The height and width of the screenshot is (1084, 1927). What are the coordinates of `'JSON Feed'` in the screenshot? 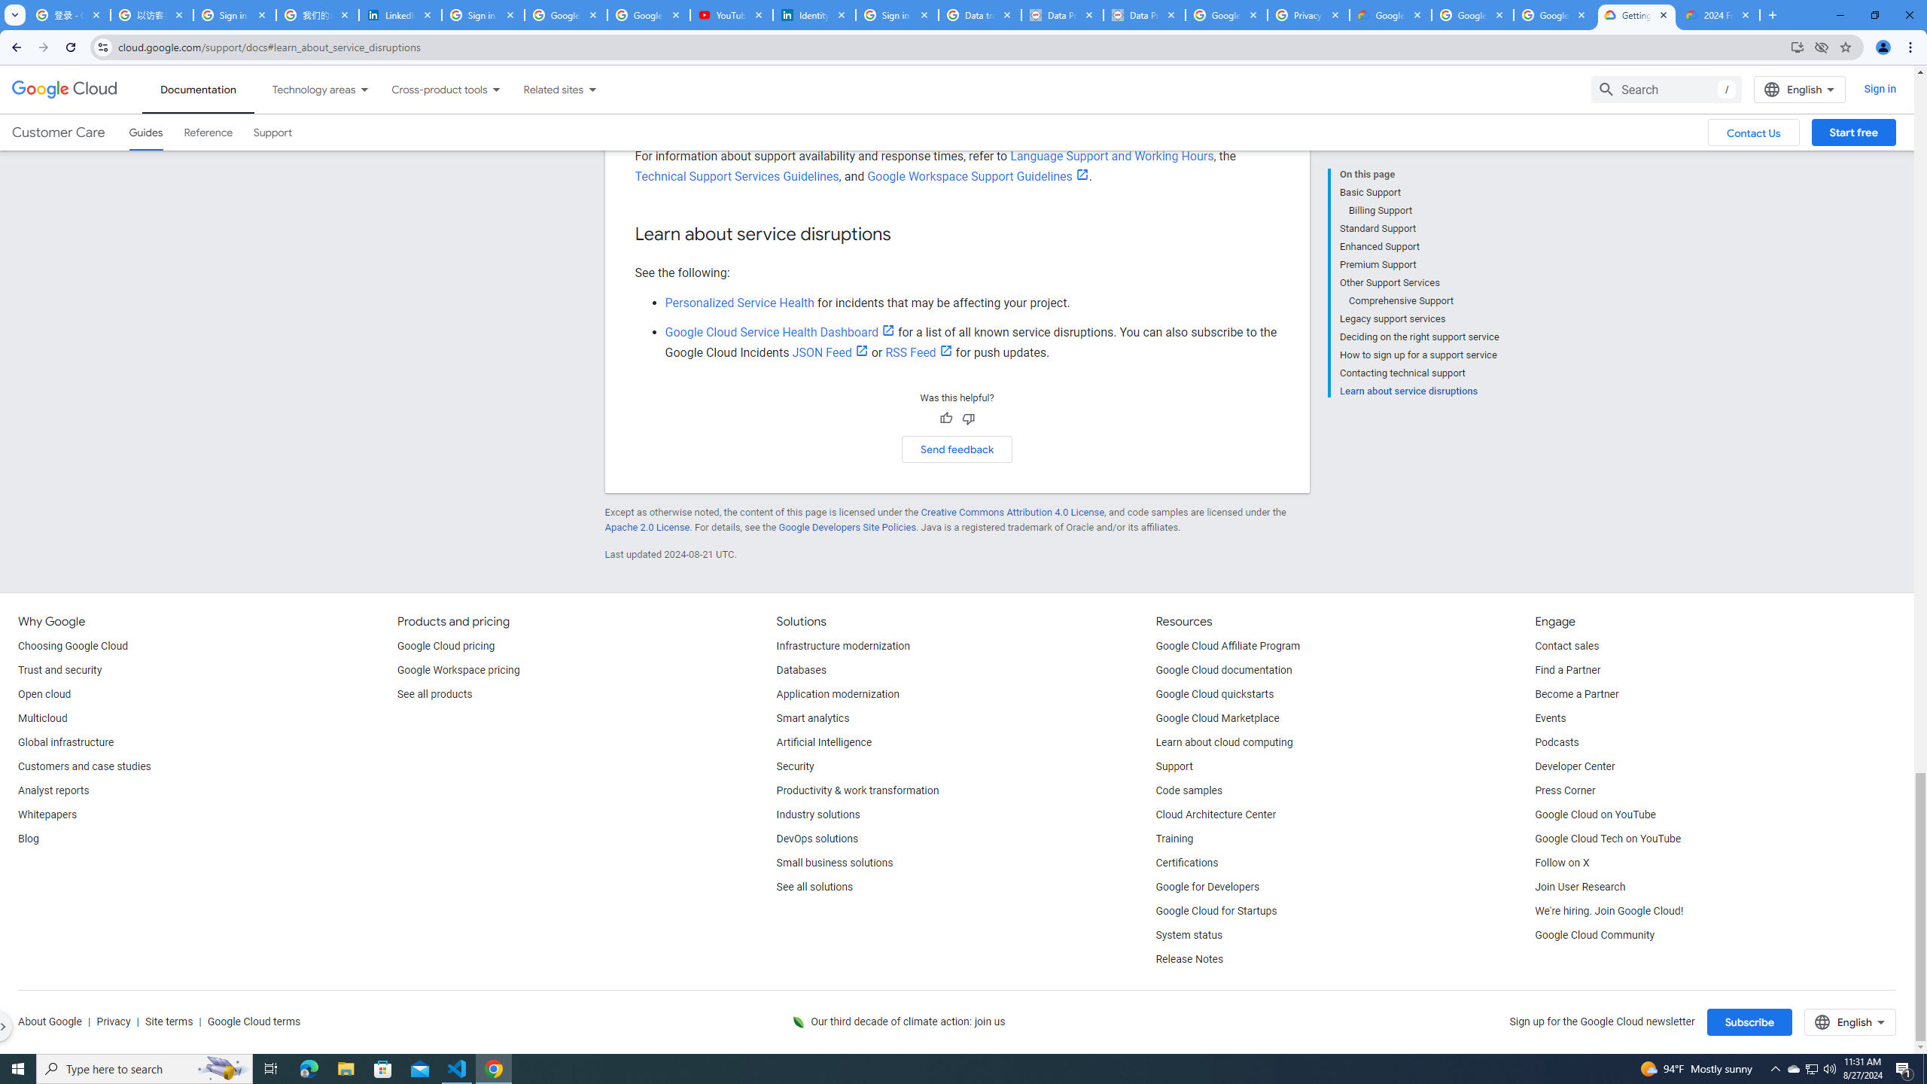 It's located at (830, 352).